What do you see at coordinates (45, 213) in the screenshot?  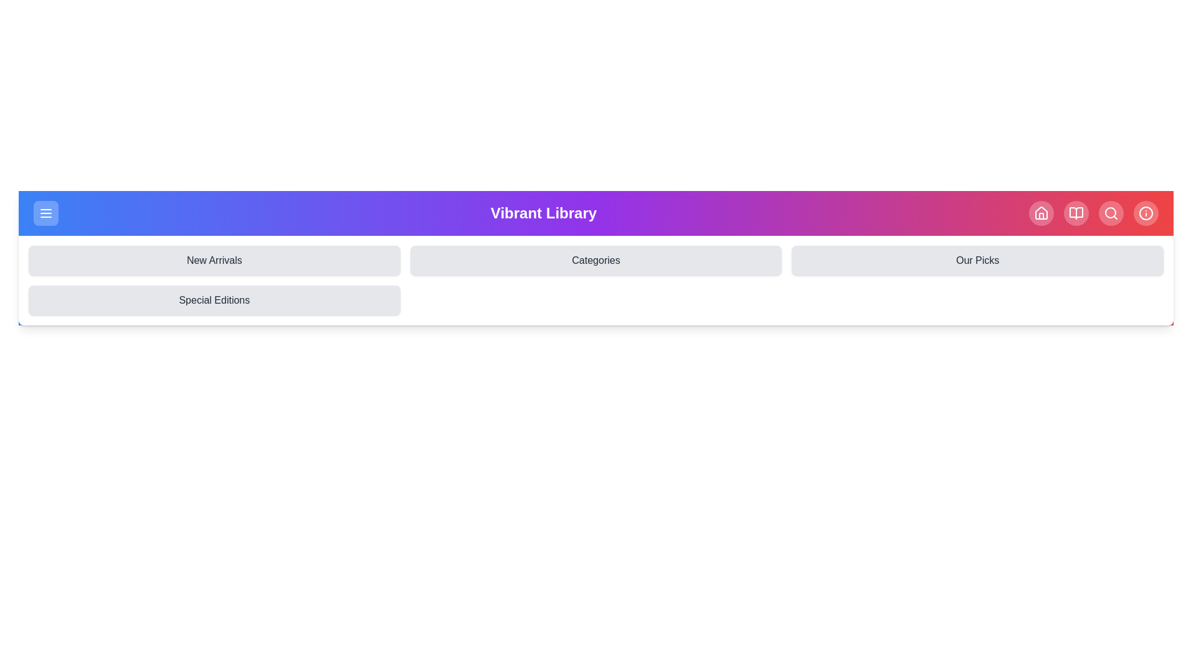 I see `the menu icon to toggle the menu visibility` at bounding box center [45, 213].